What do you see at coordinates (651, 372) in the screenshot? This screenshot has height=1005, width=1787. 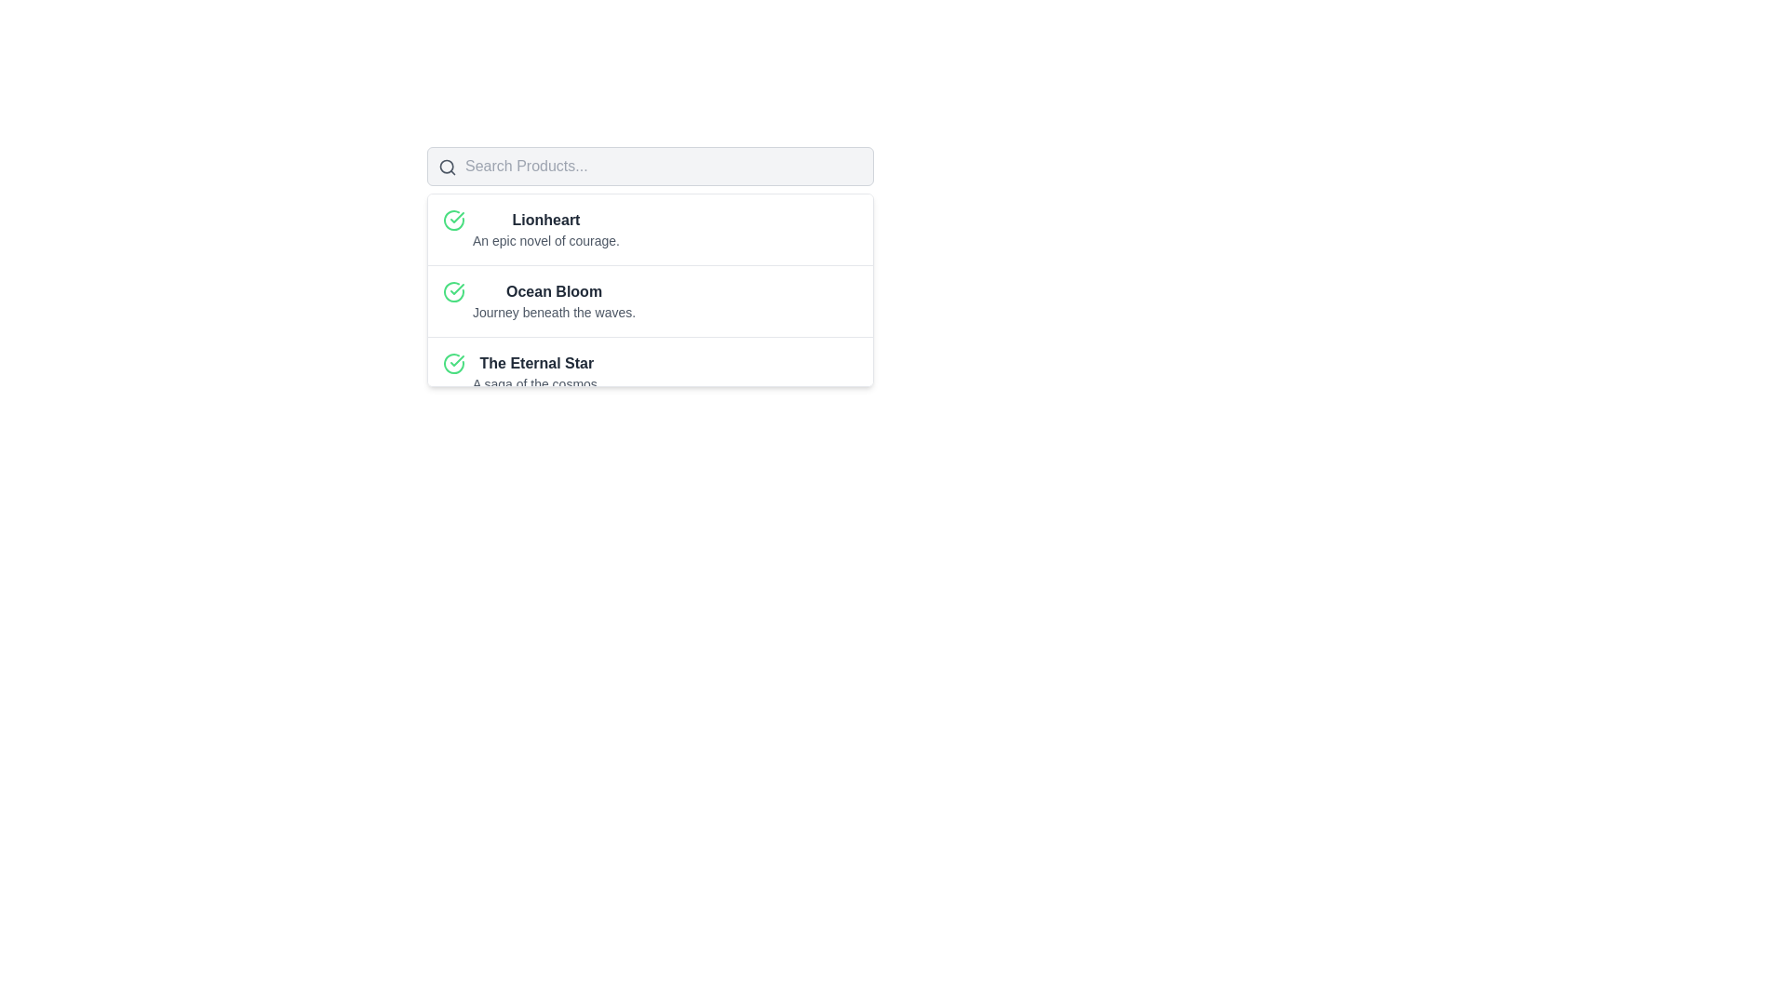 I see `the third item in the vertical list, representing the product 'The Eternal Star'` at bounding box center [651, 372].